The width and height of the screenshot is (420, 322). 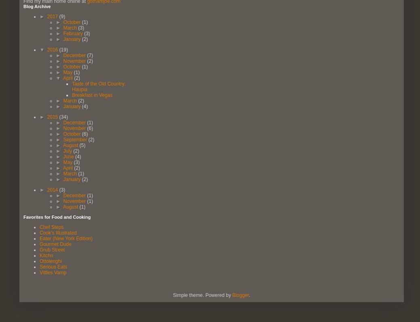 I want to click on '(9)', so click(x=62, y=16).